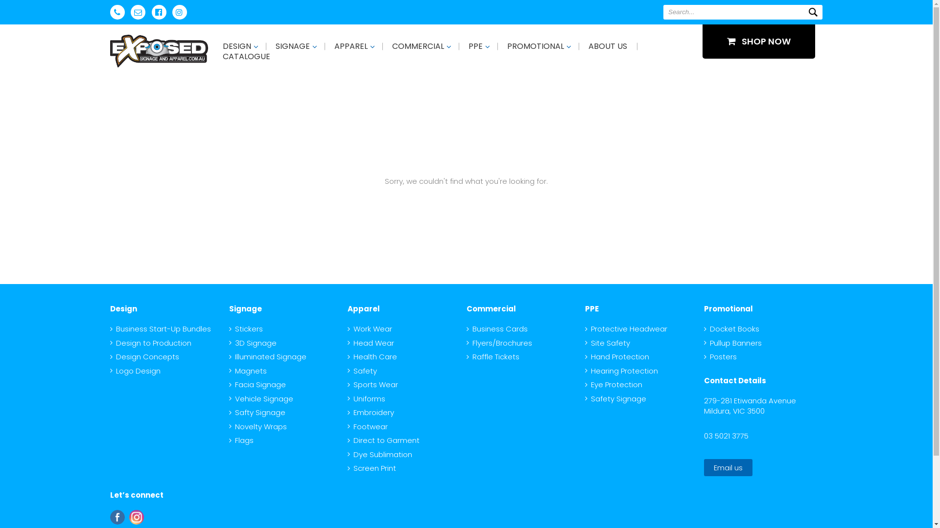 This screenshot has width=940, height=528. Describe the element at coordinates (160, 329) in the screenshot. I see `'Business Start-Up Bundles'` at that location.